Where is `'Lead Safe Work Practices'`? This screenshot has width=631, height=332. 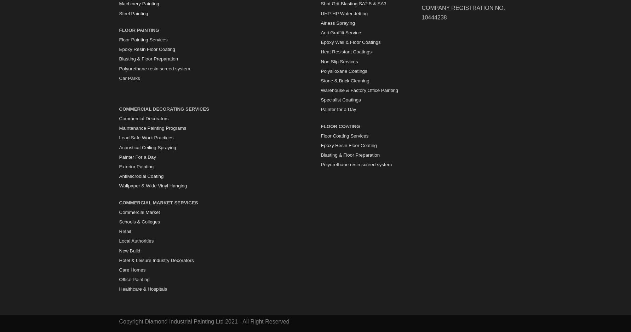 'Lead Safe Work Practices' is located at coordinates (146, 138).